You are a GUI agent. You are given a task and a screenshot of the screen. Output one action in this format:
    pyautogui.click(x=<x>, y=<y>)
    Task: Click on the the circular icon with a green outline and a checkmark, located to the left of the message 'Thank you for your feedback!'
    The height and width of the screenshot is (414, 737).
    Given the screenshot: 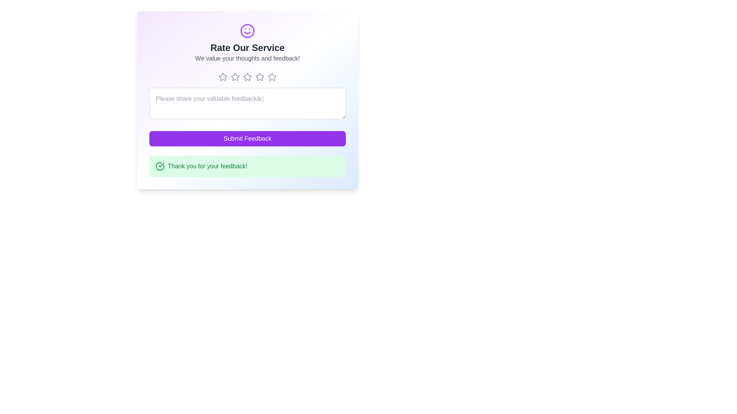 What is the action you would take?
    pyautogui.click(x=160, y=166)
    